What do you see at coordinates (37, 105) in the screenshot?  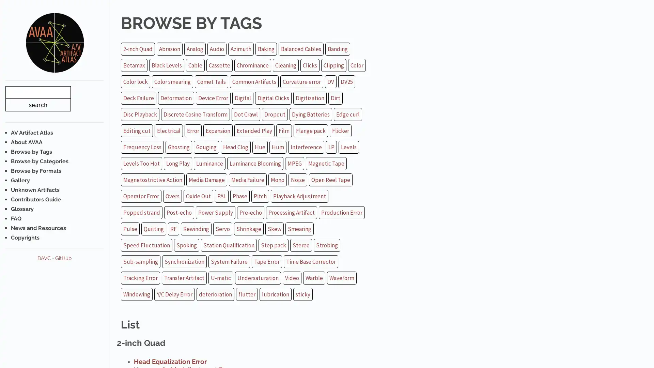 I see `search` at bounding box center [37, 105].